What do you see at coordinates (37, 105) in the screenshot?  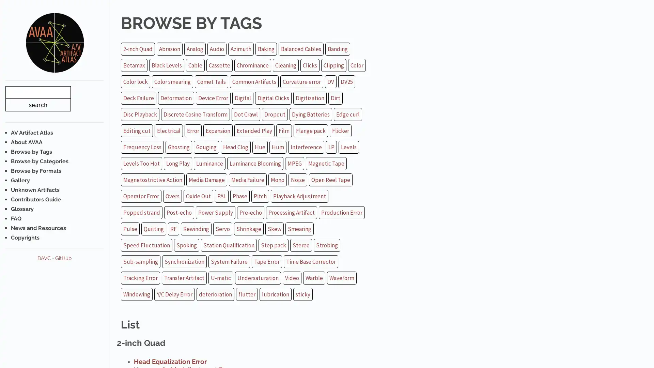 I see `search` at bounding box center [37, 105].